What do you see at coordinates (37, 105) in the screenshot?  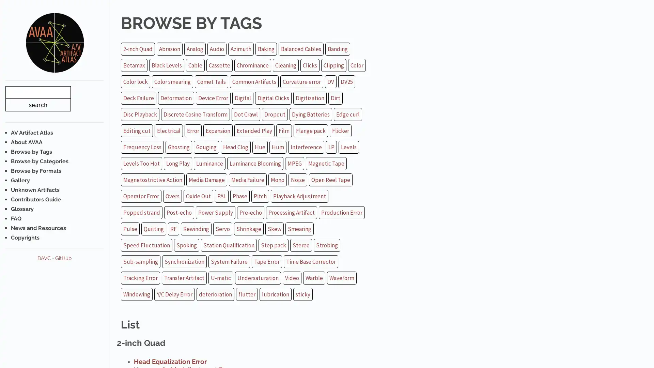 I see `search` at bounding box center [37, 105].